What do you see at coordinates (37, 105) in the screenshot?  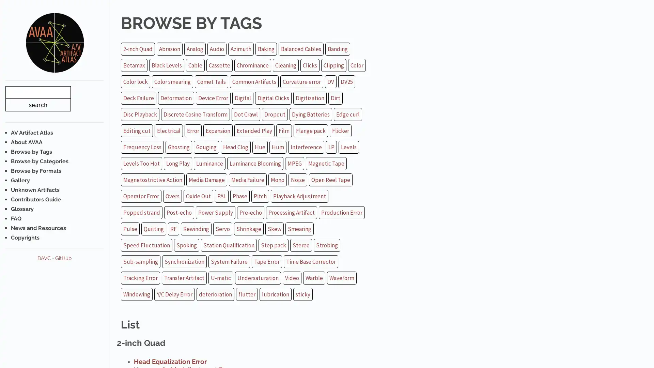 I see `search` at bounding box center [37, 105].